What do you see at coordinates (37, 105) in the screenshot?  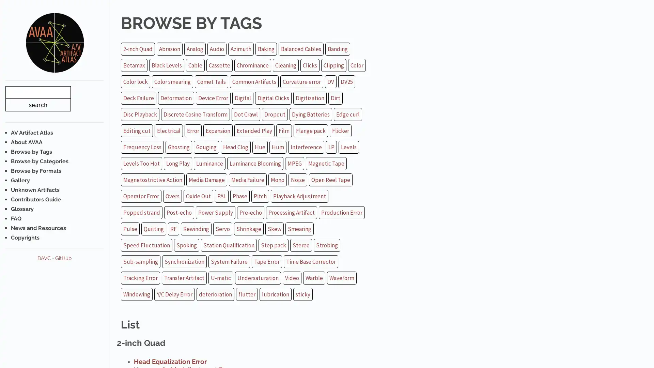 I see `search` at bounding box center [37, 105].